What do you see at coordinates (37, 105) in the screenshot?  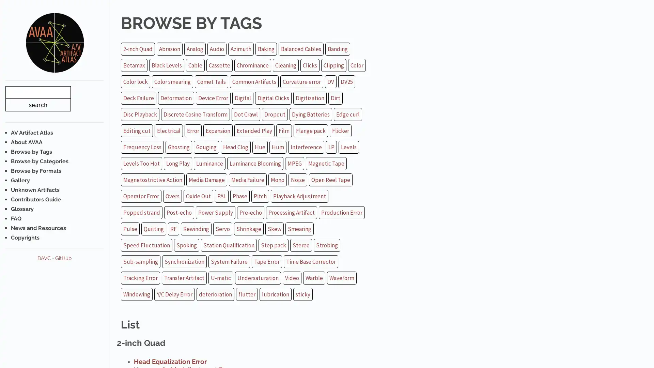 I see `search` at bounding box center [37, 105].